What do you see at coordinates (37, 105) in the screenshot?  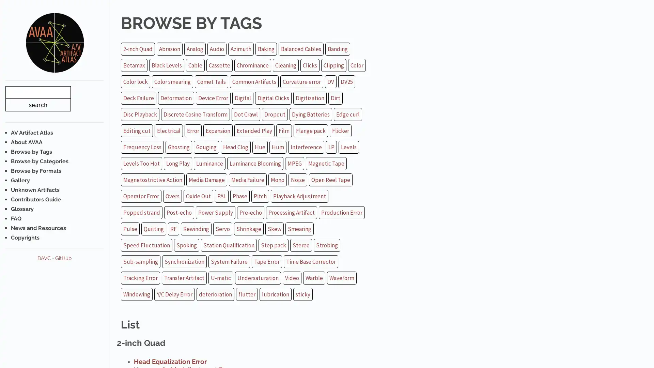 I see `search` at bounding box center [37, 105].